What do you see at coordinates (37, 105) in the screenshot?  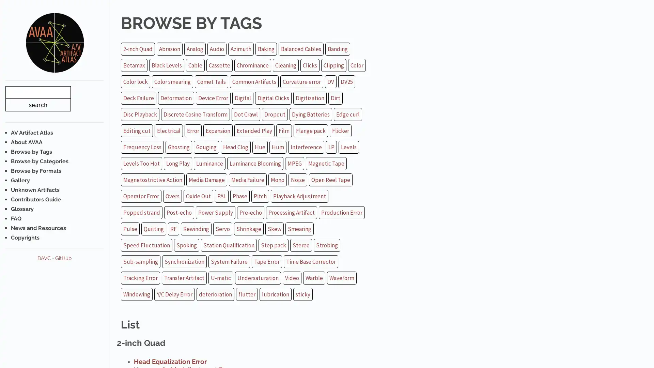 I see `search` at bounding box center [37, 105].